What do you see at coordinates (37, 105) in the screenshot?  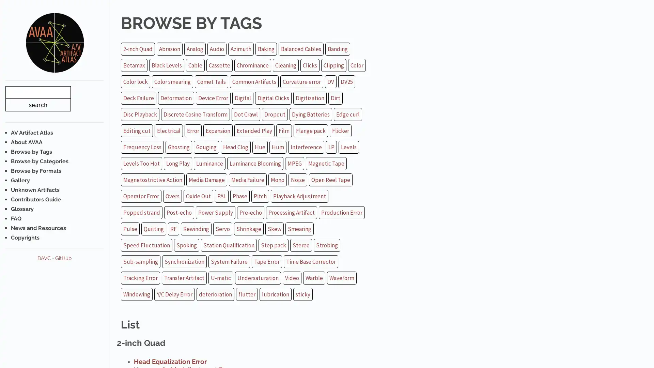 I see `search` at bounding box center [37, 105].